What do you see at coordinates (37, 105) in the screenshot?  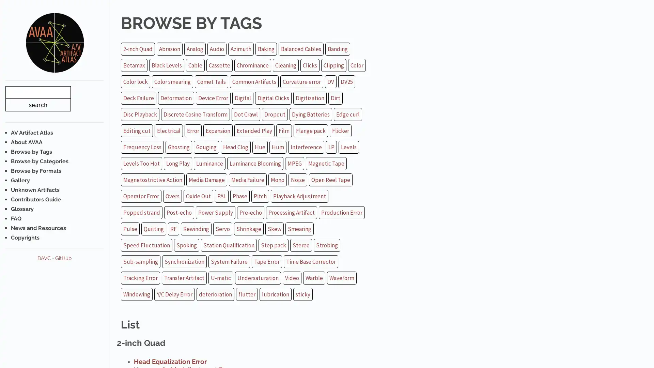 I see `search` at bounding box center [37, 105].